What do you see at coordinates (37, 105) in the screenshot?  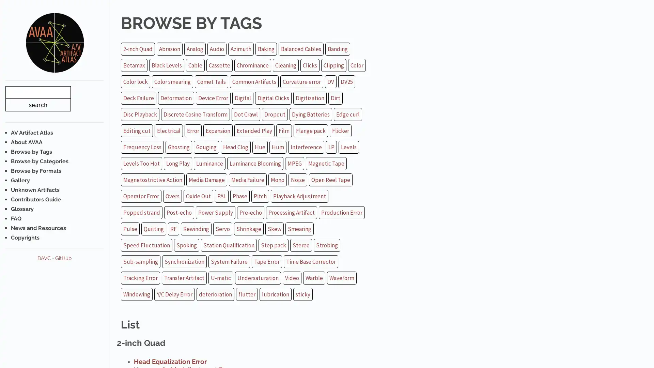 I see `search` at bounding box center [37, 105].